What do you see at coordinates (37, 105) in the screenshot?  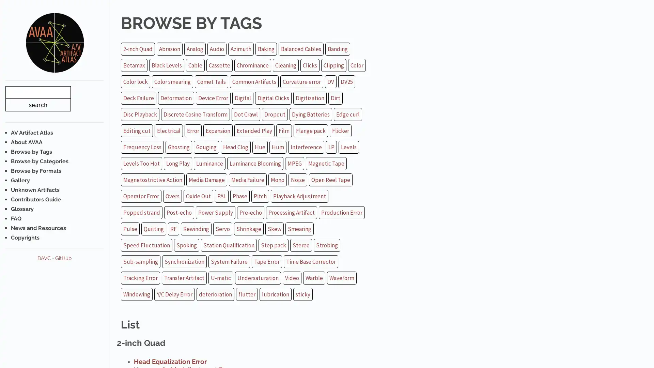 I see `search` at bounding box center [37, 105].